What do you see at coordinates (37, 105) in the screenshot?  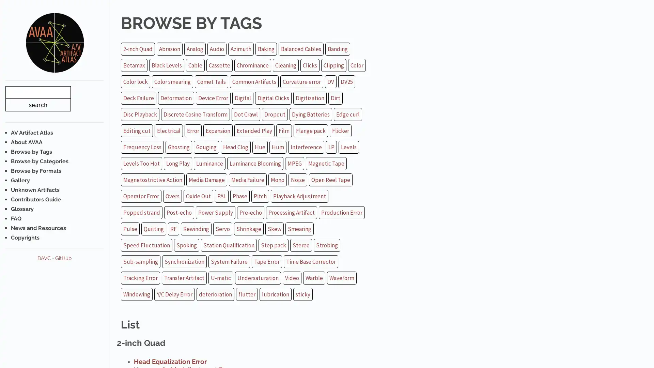 I see `search` at bounding box center [37, 105].